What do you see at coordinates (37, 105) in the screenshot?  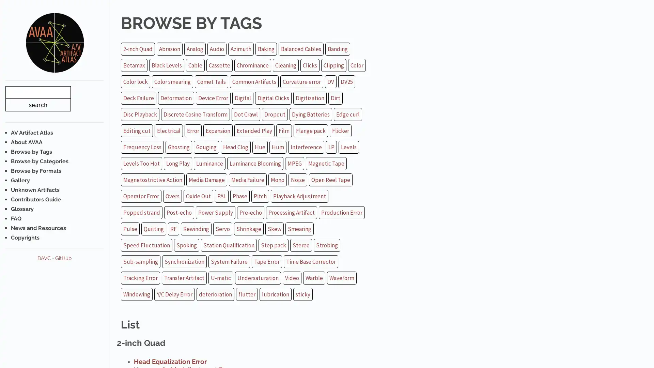 I see `search` at bounding box center [37, 105].